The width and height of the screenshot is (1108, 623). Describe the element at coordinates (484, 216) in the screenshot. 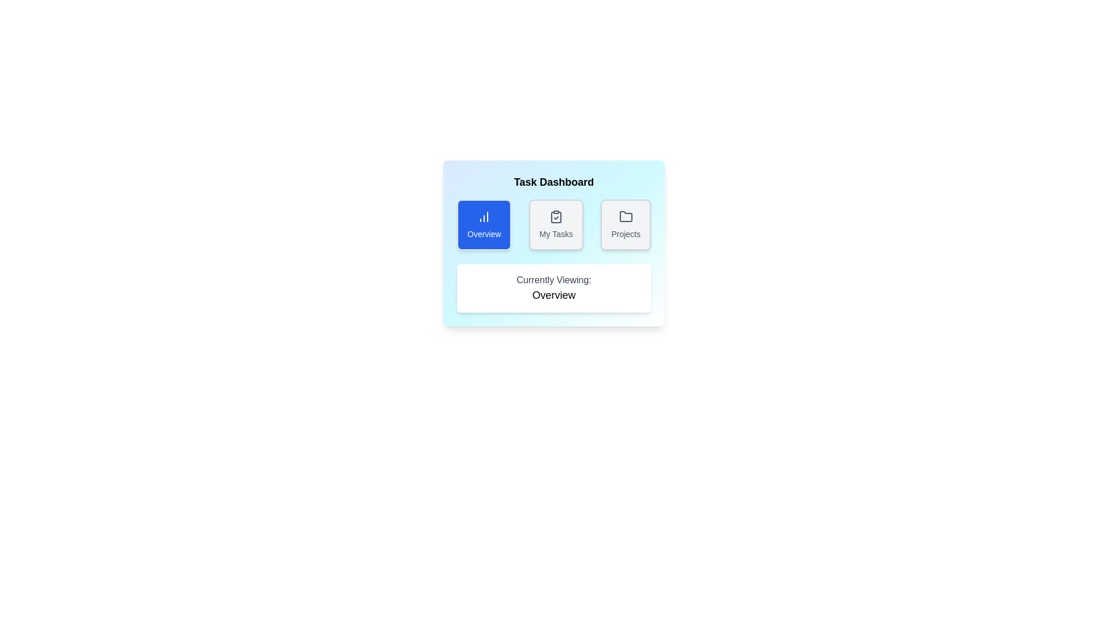

I see `the icon of the tab labeled 'Overview' for inspection` at that location.